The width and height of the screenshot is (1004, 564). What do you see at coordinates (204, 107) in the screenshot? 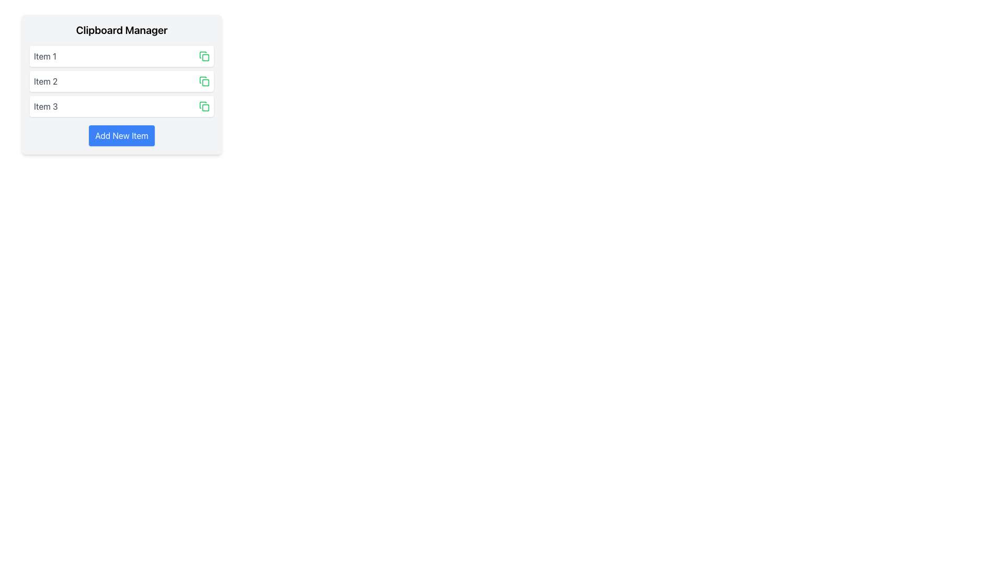
I see `the green icon resembling overlapping squares located in the far-right of the 'Item 3' row within the clipboard manager` at bounding box center [204, 107].